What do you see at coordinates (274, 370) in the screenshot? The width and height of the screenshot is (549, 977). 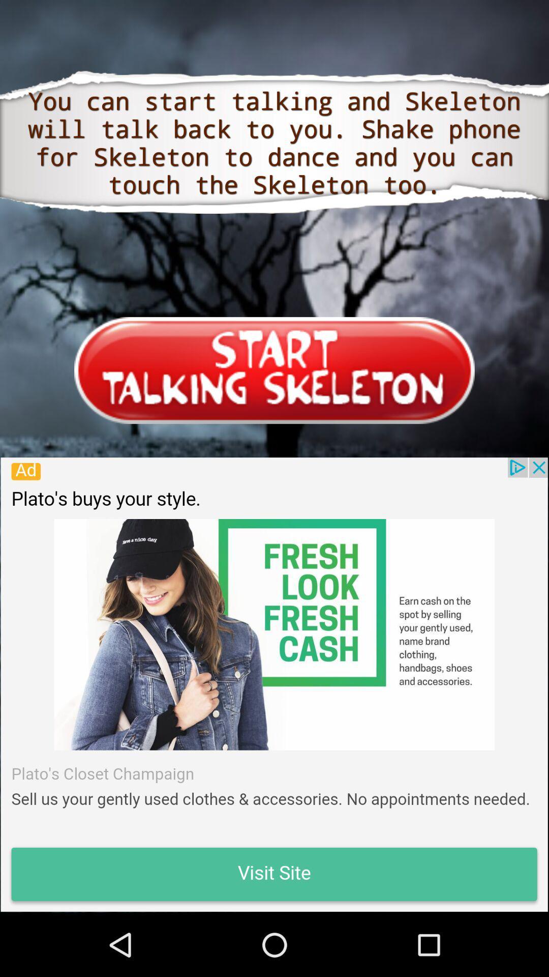 I see `start talking skeleton` at bounding box center [274, 370].